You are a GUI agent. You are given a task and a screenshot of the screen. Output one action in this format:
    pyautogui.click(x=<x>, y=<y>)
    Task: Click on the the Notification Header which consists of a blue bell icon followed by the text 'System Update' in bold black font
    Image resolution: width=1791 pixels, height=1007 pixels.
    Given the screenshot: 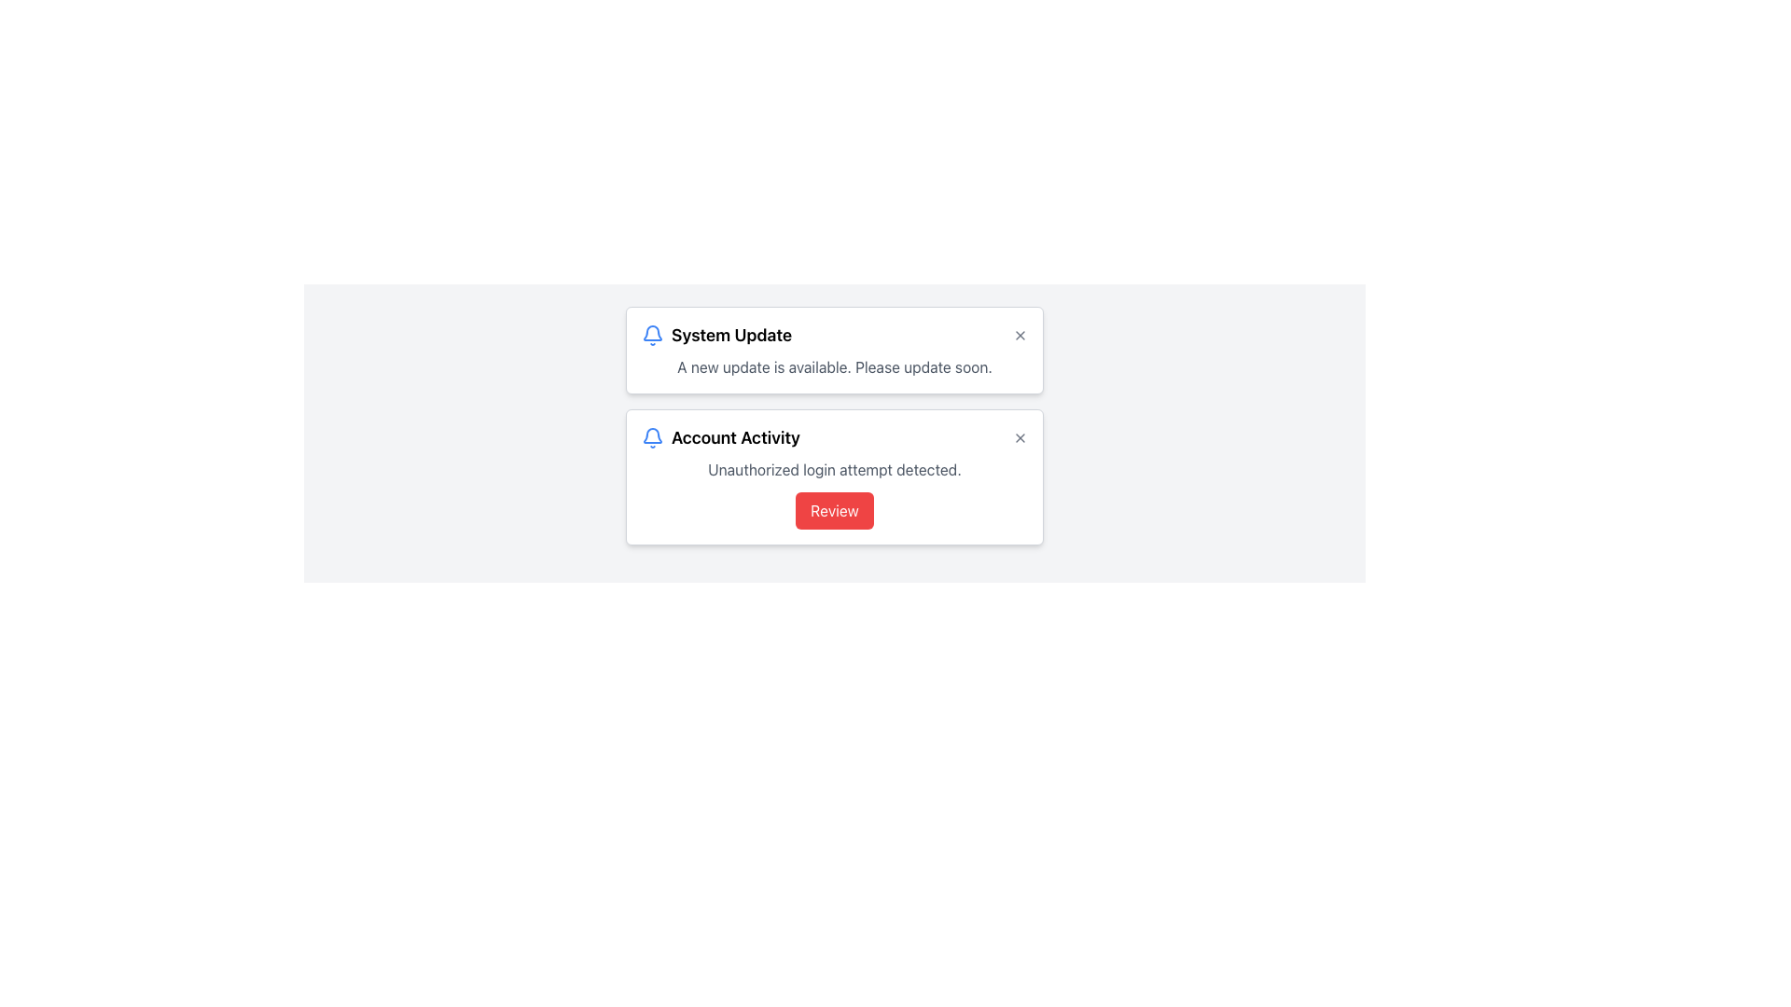 What is the action you would take?
    pyautogui.click(x=715, y=334)
    